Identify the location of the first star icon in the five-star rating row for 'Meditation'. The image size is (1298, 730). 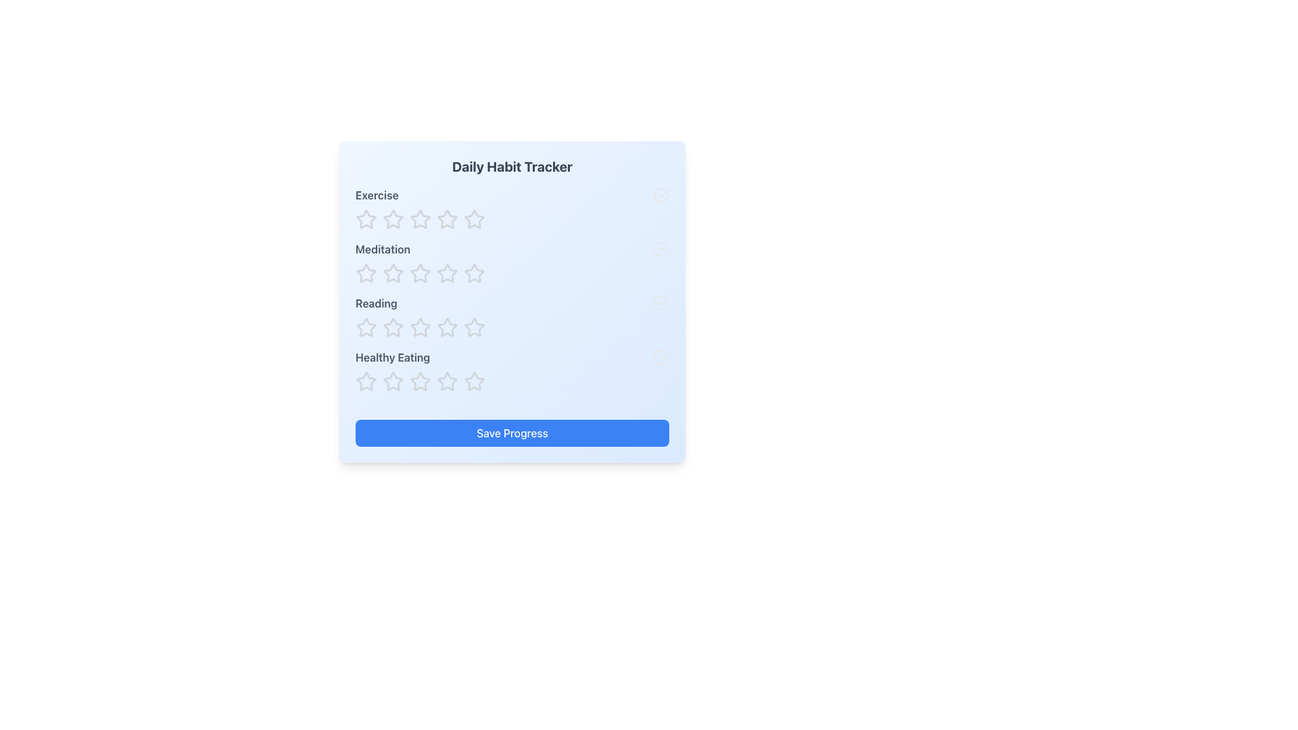
(420, 273).